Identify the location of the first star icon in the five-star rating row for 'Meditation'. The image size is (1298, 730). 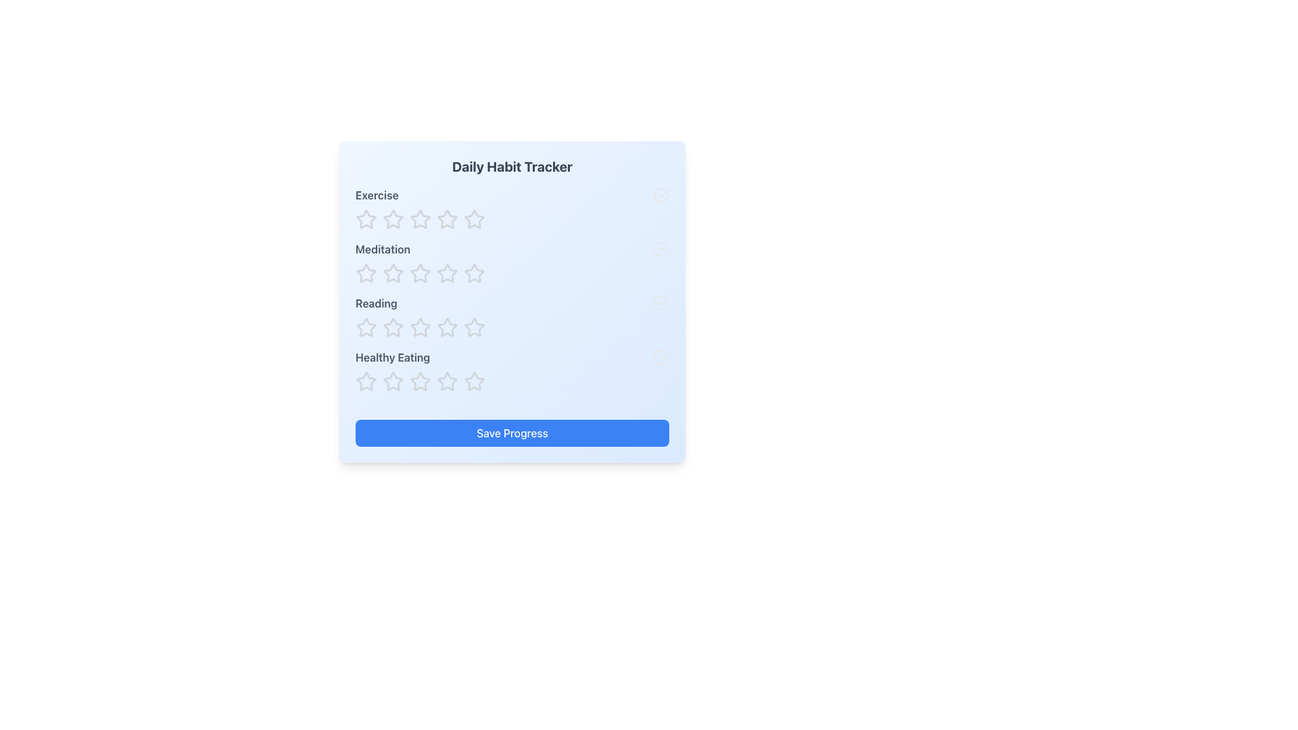
(420, 273).